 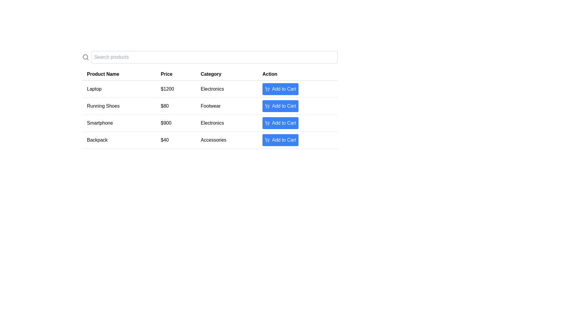 What do you see at coordinates (267, 106) in the screenshot?
I see `the shopping cart icon within the 'Add to Cart' button, which is located in the second row of the 'Action' column for 'Running Shoes'` at bounding box center [267, 106].